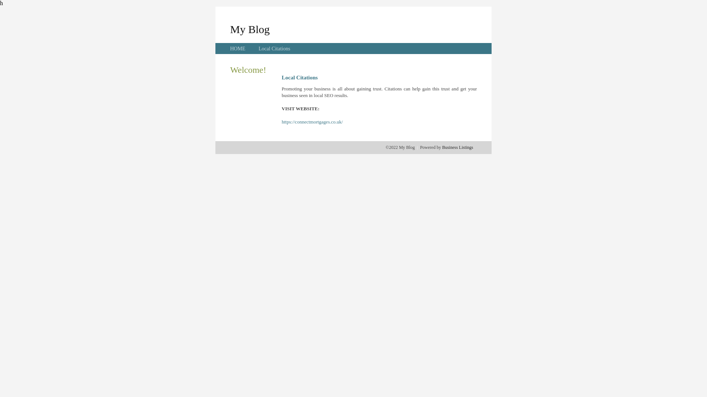 This screenshot has height=397, width=707. What do you see at coordinates (250, 29) in the screenshot?
I see `'My Blog'` at bounding box center [250, 29].